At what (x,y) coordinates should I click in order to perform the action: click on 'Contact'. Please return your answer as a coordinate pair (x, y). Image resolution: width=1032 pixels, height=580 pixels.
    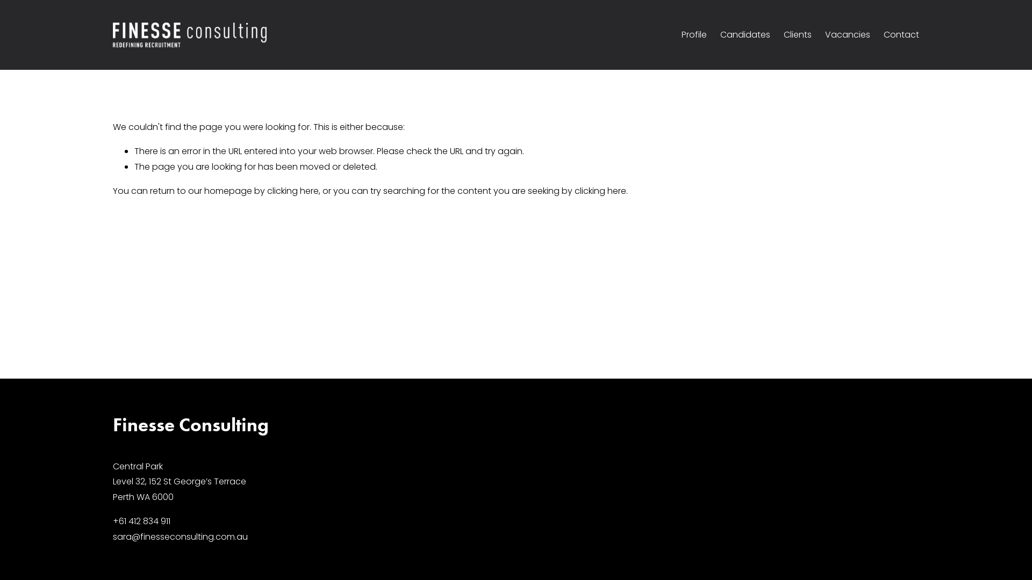
    Looking at the image, I should click on (883, 34).